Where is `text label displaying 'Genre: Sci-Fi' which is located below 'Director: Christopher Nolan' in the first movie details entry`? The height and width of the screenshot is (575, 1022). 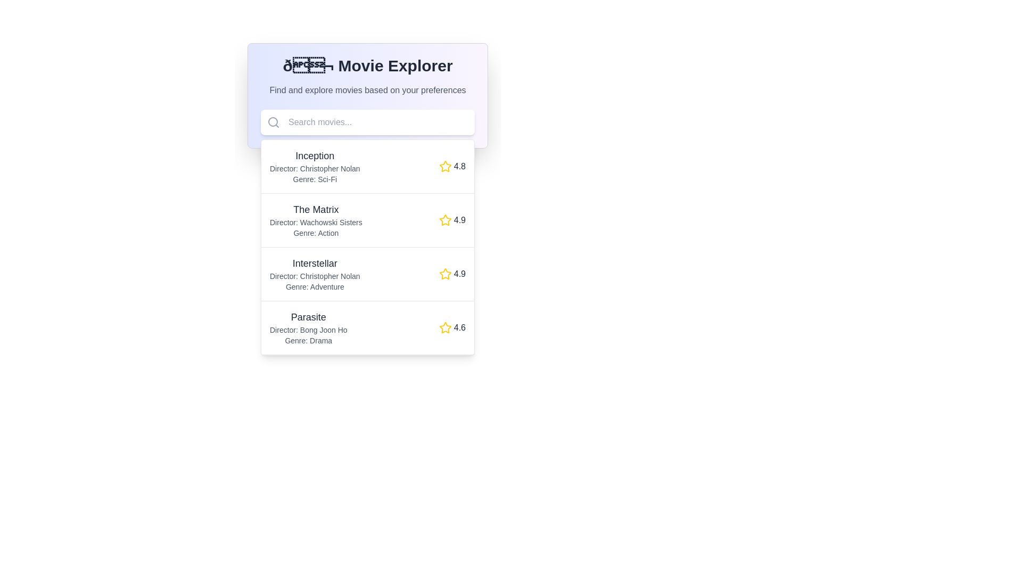 text label displaying 'Genre: Sci-Fi' which is located below 'Director: Christopher Nolan' in the first movie details entry is located at coordinates (314, 178).